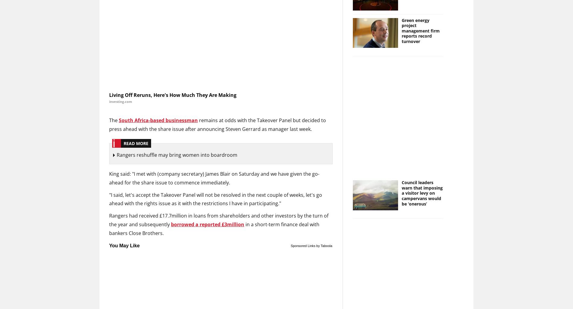 Image resolution: width=573 pixels, height=309 pixels. Describe the element at coordinates (215, 199) in the screenshot. I see `'"I said, let's accept the Takeover Panel will not be resolved in the next couple of weeks, let's go ahead with the rights issue as it with the restrictions I have in participating."'` at that location.